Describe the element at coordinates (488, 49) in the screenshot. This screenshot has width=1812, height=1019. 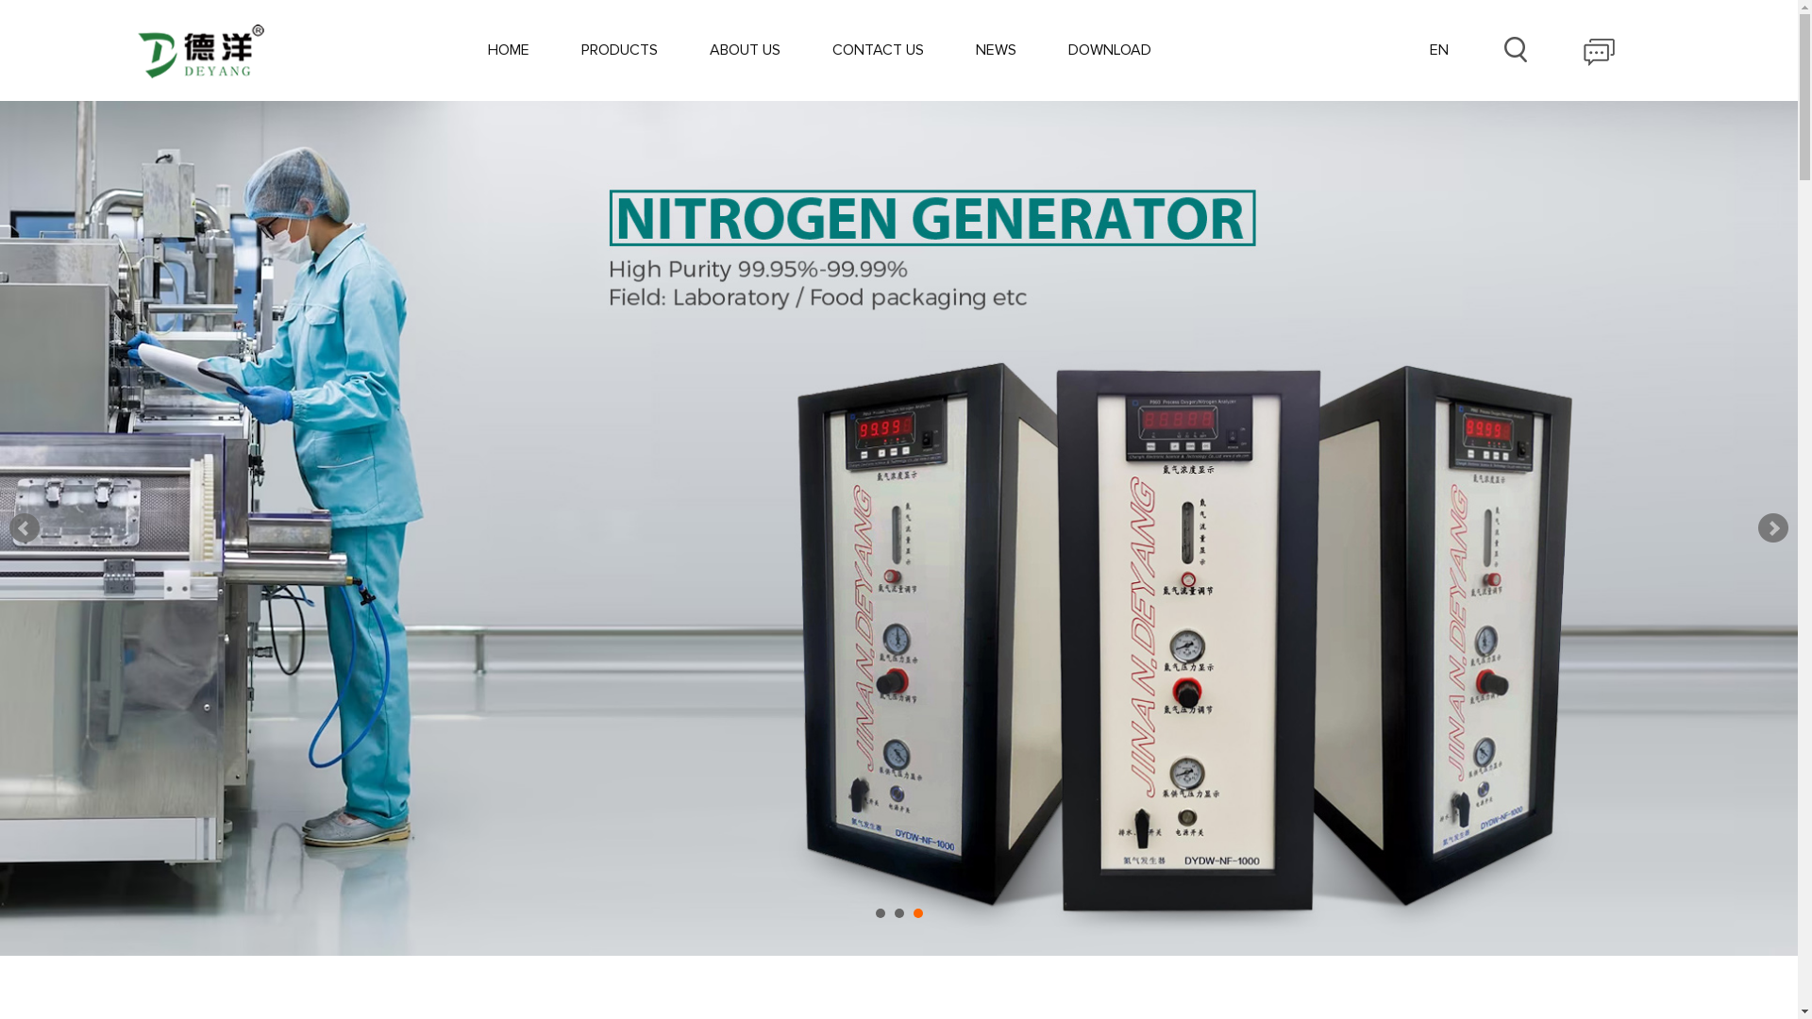
I see `'HOME'` at that location.